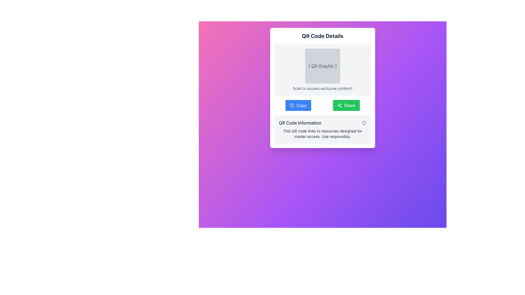 The width and height of the screenshot is (525, 295). What do you see at coordinates (364, 123) in the screenshot?
I see `the circular gray icon with an 'i' symbol located in the bottom-right corner of the 'QR Code Information' section` at bounding box center [364, 123].